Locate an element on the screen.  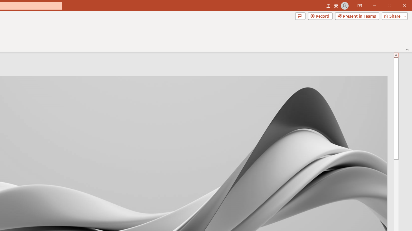
'Comments' is located at coordinates (300, 16).